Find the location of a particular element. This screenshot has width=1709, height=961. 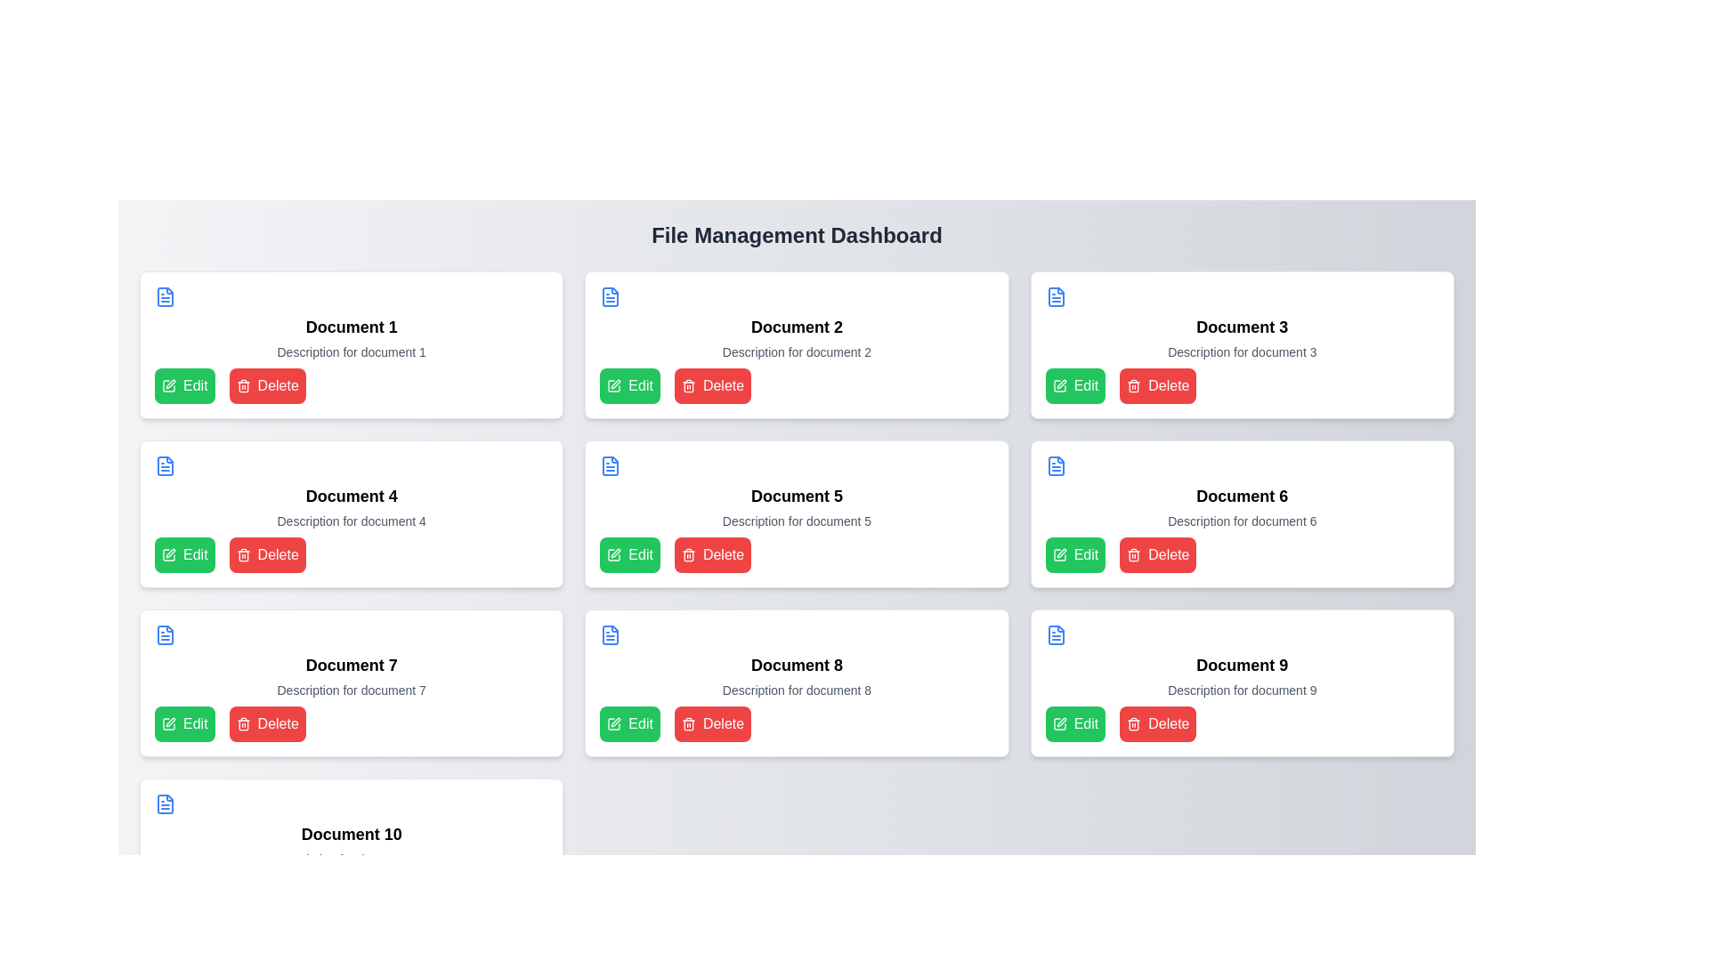

the small blue icon resembling a file located at the upper-left corner of the card labeled 'Document 7' is located at coordinates (166, 634).